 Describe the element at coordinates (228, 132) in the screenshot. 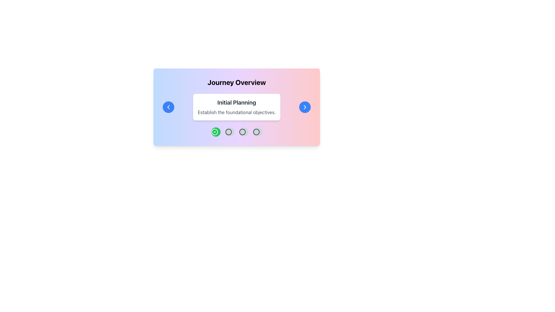

I see `the circular button or icon located below the text 'Initial Planning', which is the second element from the left in a row of four circular icons` at that location.